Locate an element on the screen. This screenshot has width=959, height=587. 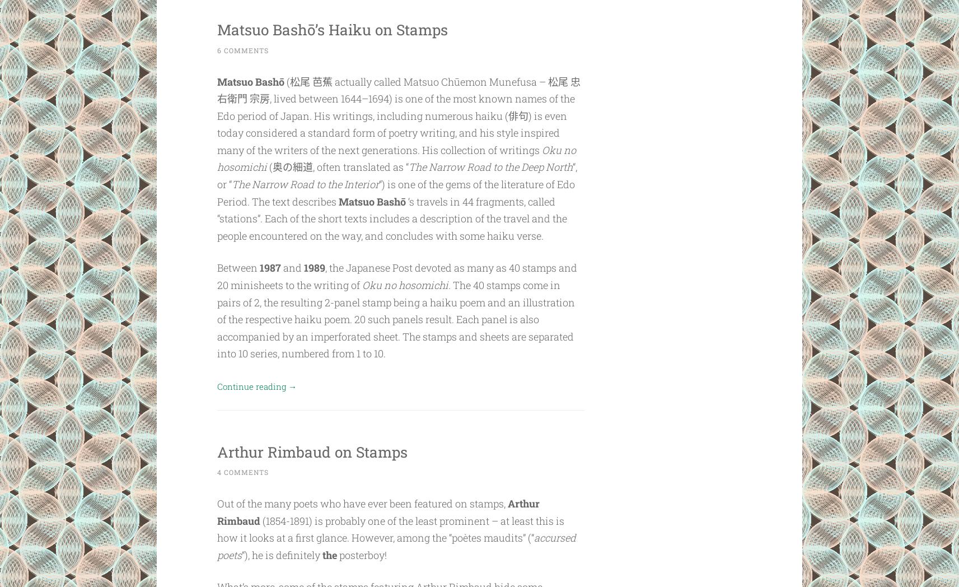
'posterboy!' is located at coordinates (336, 554).